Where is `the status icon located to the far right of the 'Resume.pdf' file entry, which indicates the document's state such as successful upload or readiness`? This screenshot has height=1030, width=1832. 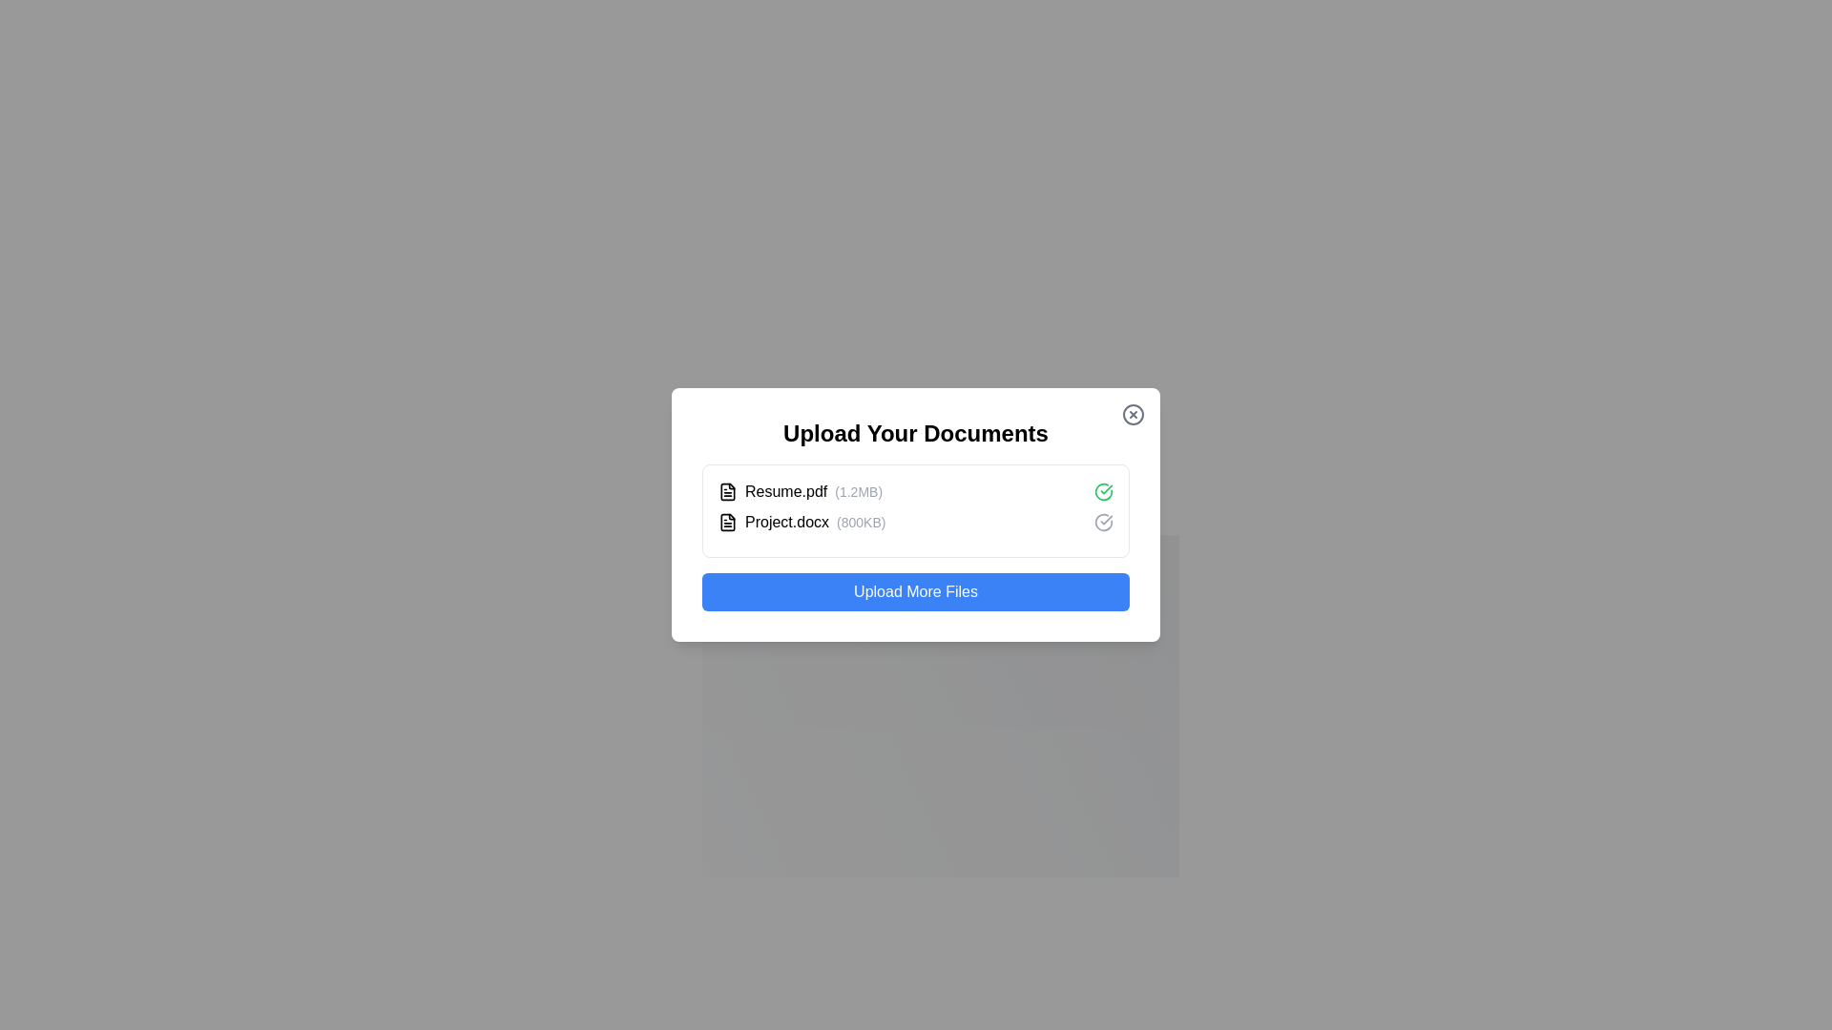
the status icon located to the far right of the 'Resume.pdf' file entry, which indicates the document's state such as successful upload or readiness is located at coordinates (1103, 522).